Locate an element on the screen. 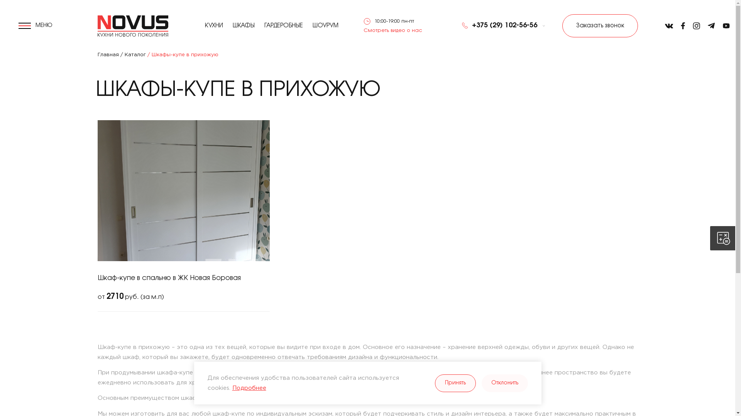  '+375 (29) 102-56-56' is located at coordinates (499, 25).